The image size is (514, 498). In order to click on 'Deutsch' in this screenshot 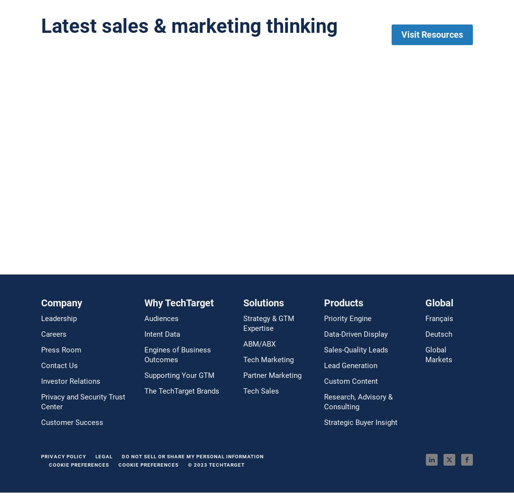, I will do `click(438, 334)`.